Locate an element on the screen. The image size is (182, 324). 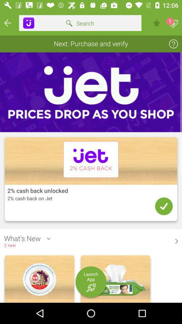
the button at the top right corner of the page is located at coordinates (174, 24).